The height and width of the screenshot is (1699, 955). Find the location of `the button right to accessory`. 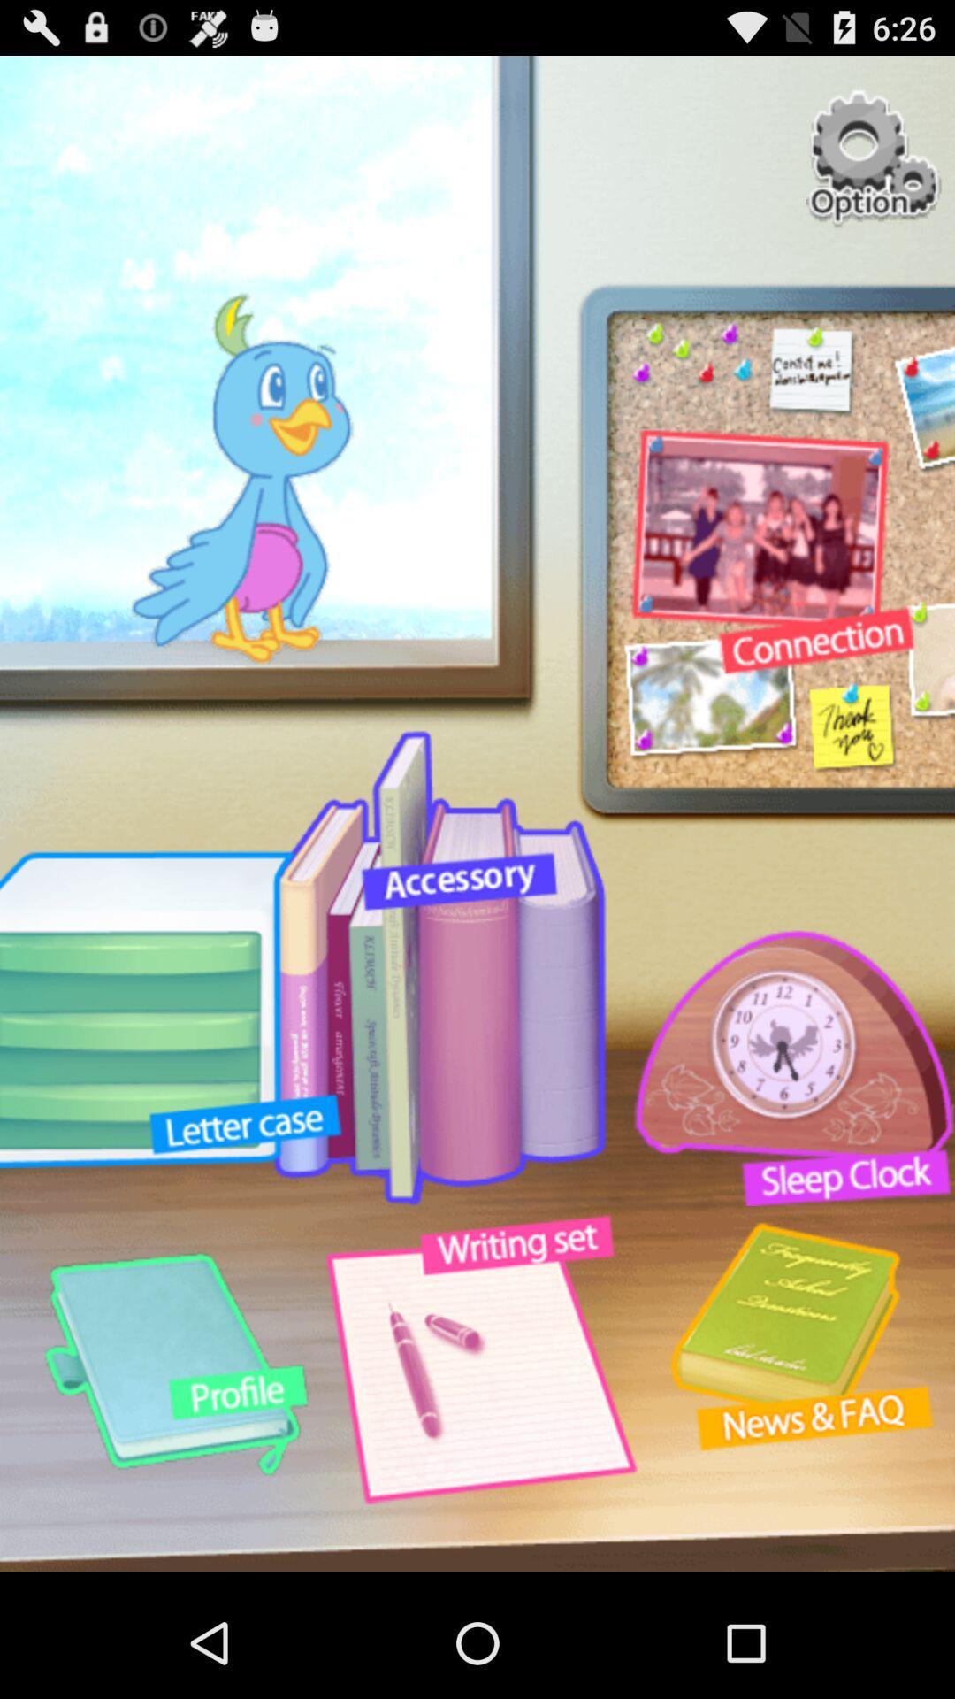

the button right to accessory is located at coordinates (783, 1067).